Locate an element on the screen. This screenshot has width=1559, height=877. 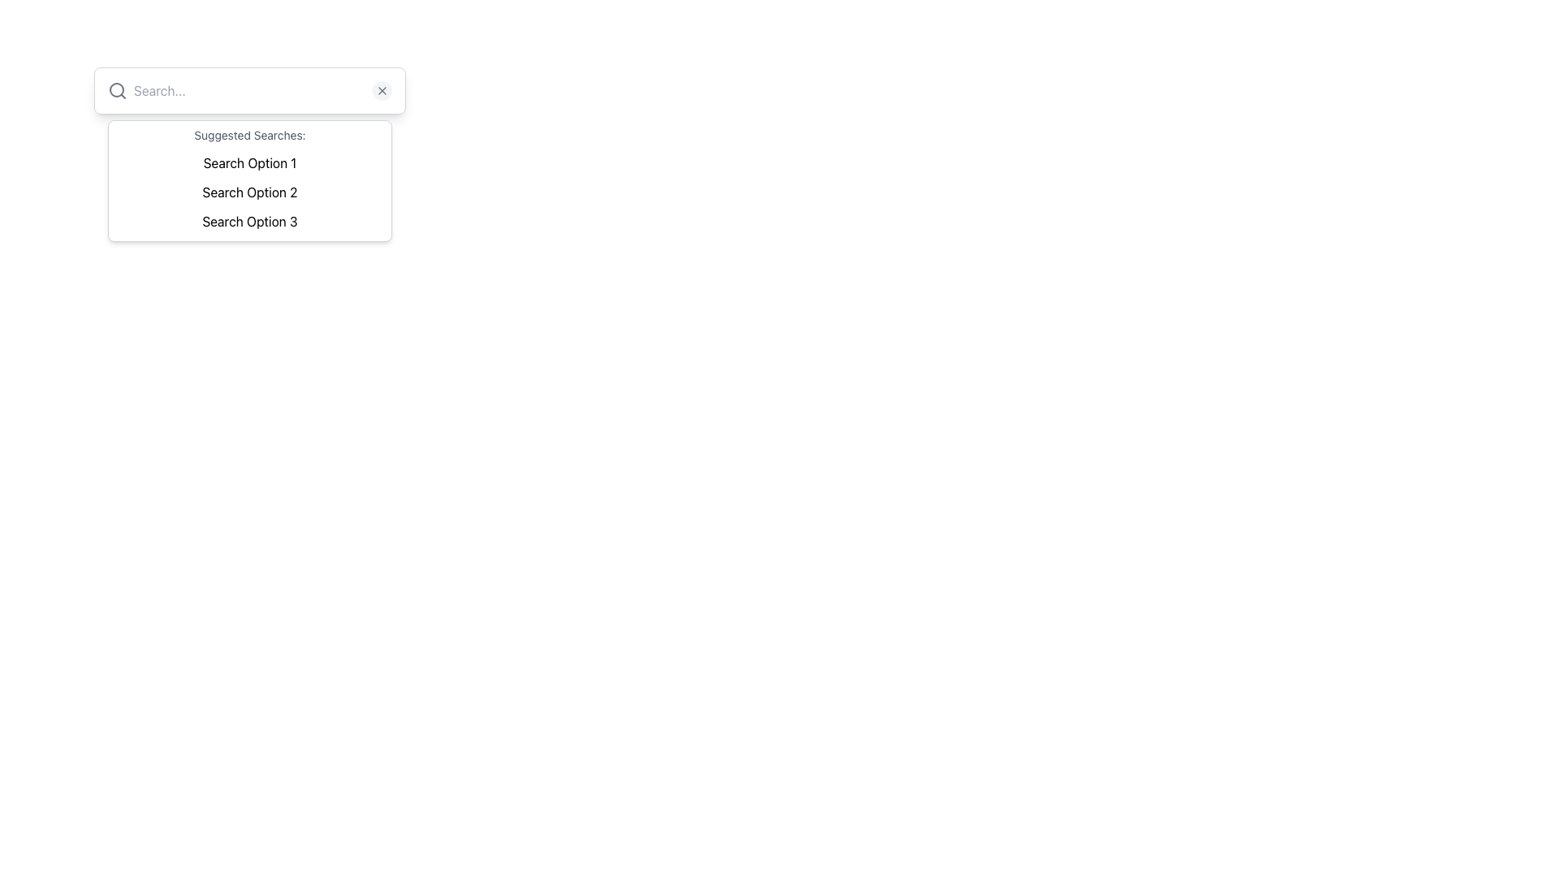
the suggested search queries list located in the dropdown panel below the search bar is located at coordinates (248, 191).